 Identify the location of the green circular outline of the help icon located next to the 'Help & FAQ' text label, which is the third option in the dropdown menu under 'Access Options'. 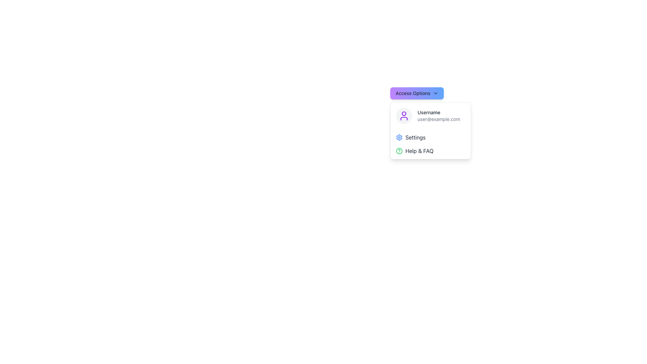
(399, 150).